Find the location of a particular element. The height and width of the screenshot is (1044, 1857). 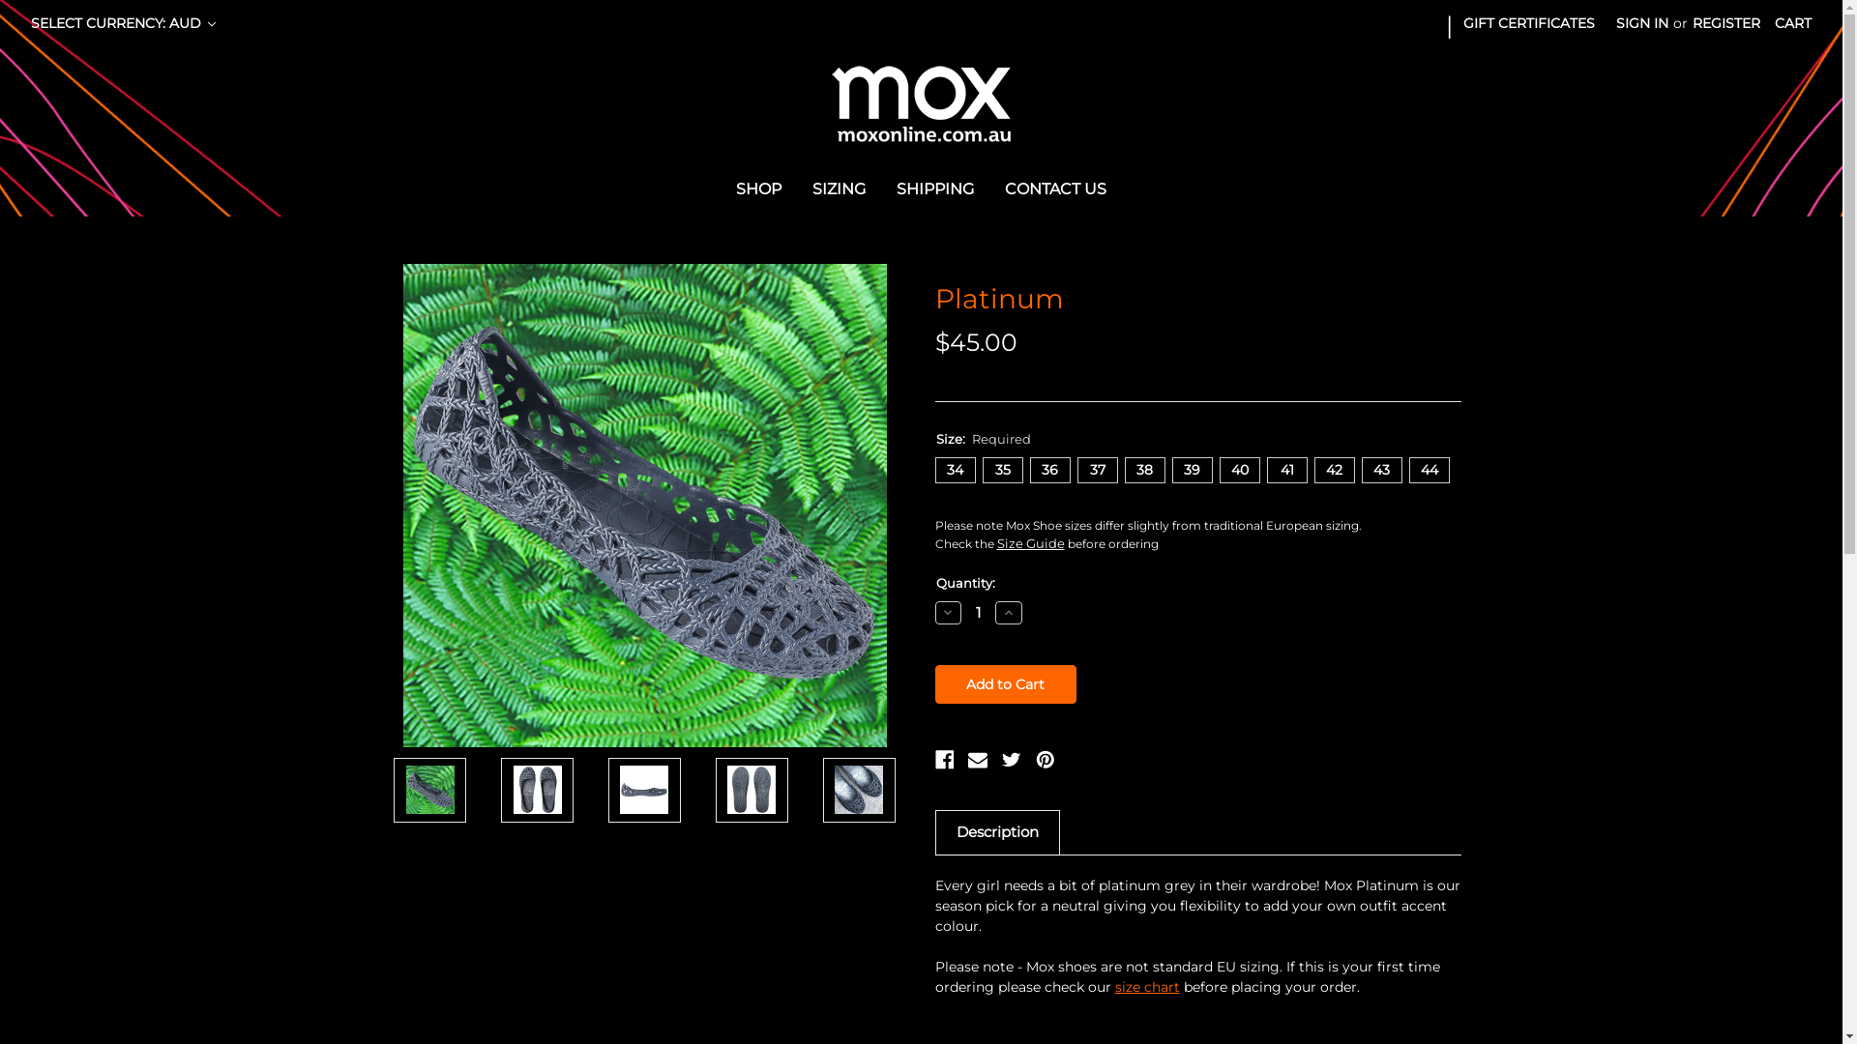

'Size Guide' is located at coordinates (1029, 543).